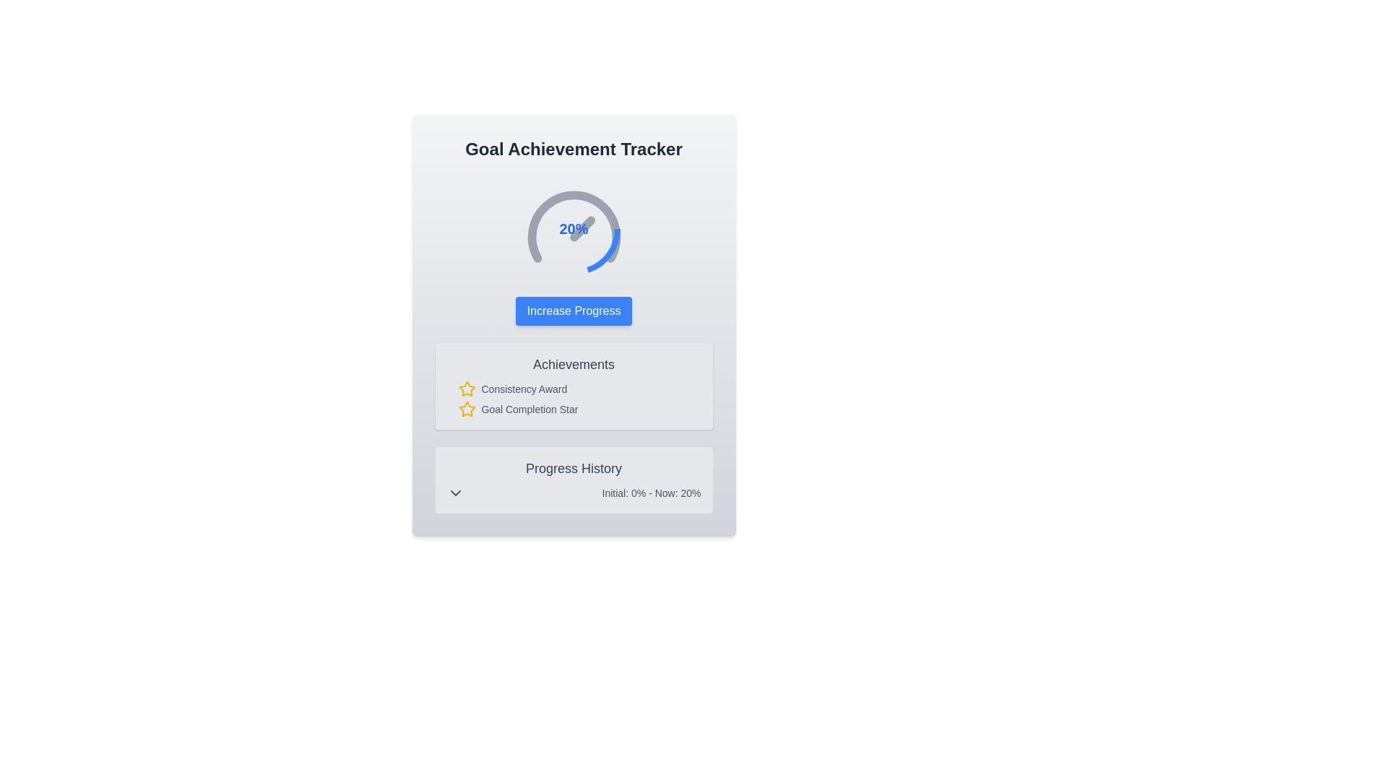 The height and width of the screenshot is (780, 1387). I want to click on the first list item labeled 'Consistency Award' in the 'Achievements' section, so click(573, 399).